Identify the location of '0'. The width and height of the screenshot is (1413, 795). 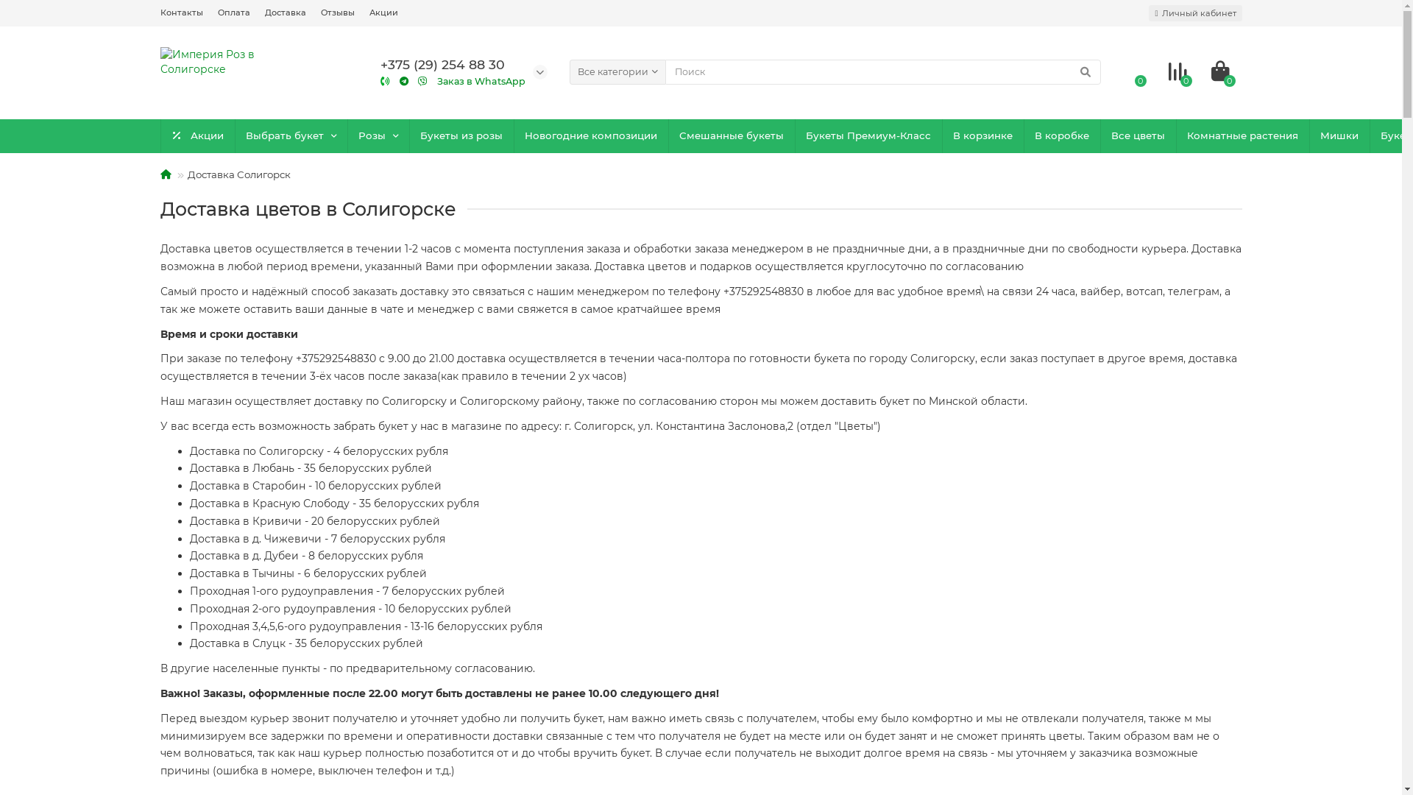
(1220, 71).